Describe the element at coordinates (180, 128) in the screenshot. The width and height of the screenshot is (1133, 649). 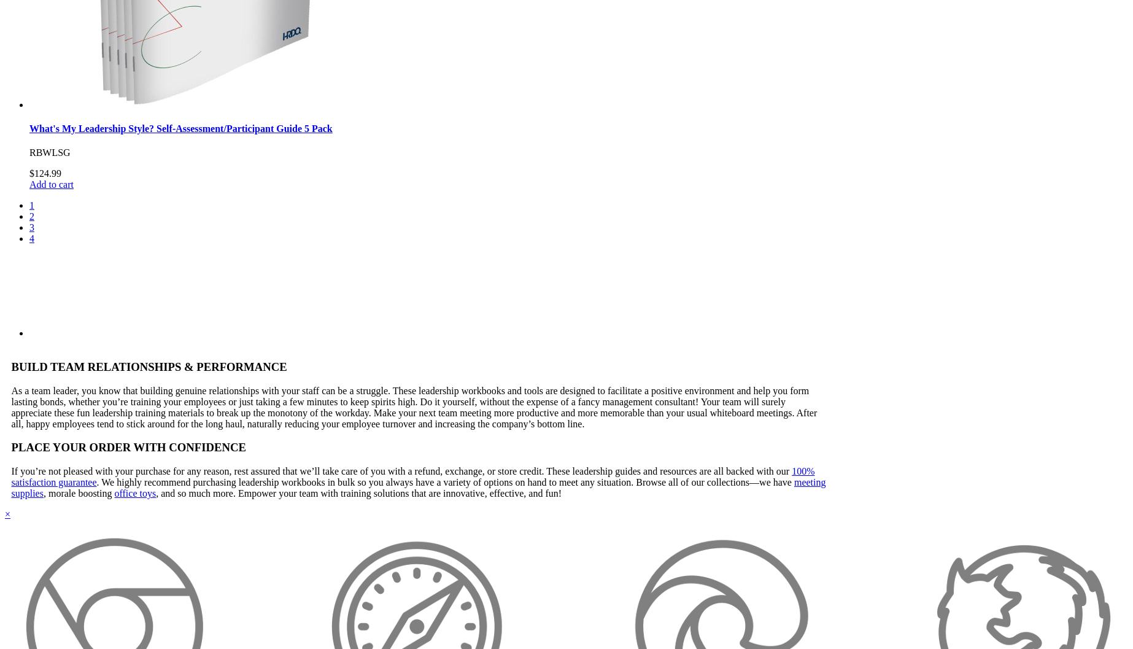
I see `'What's My Leadership Style? Self-Assessment/Participant Guide 5 Pack'` at that location.